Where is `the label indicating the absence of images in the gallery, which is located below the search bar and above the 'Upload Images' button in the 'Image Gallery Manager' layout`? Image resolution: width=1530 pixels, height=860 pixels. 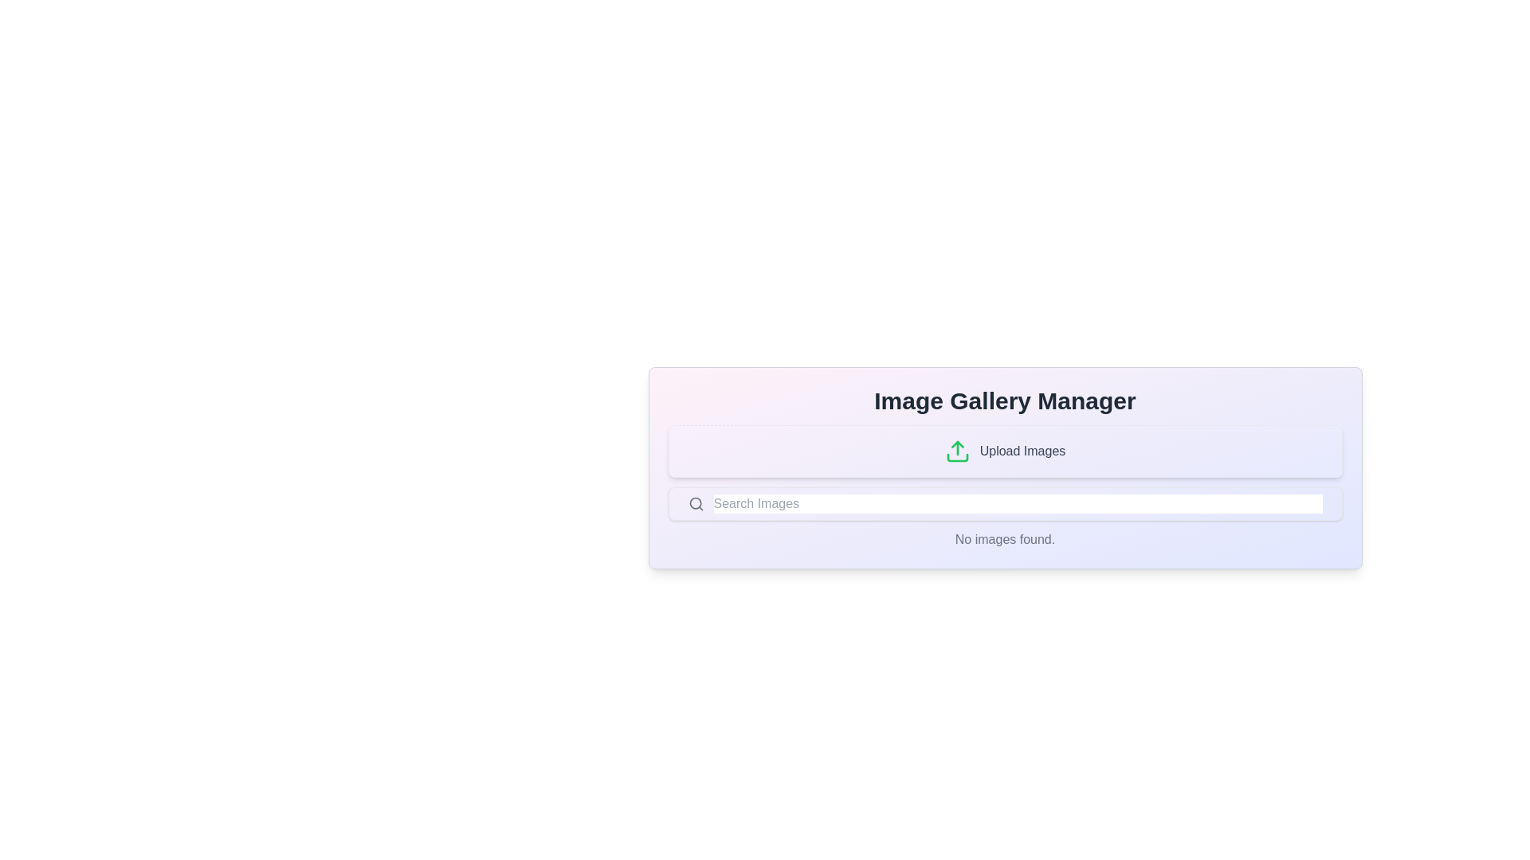
the label indicating the absence of images in the gallery, which is located below the search bar and above the 'Upload Images' button in the 'Image Gallery Manager' layout is located at coordinates (1004, 539).